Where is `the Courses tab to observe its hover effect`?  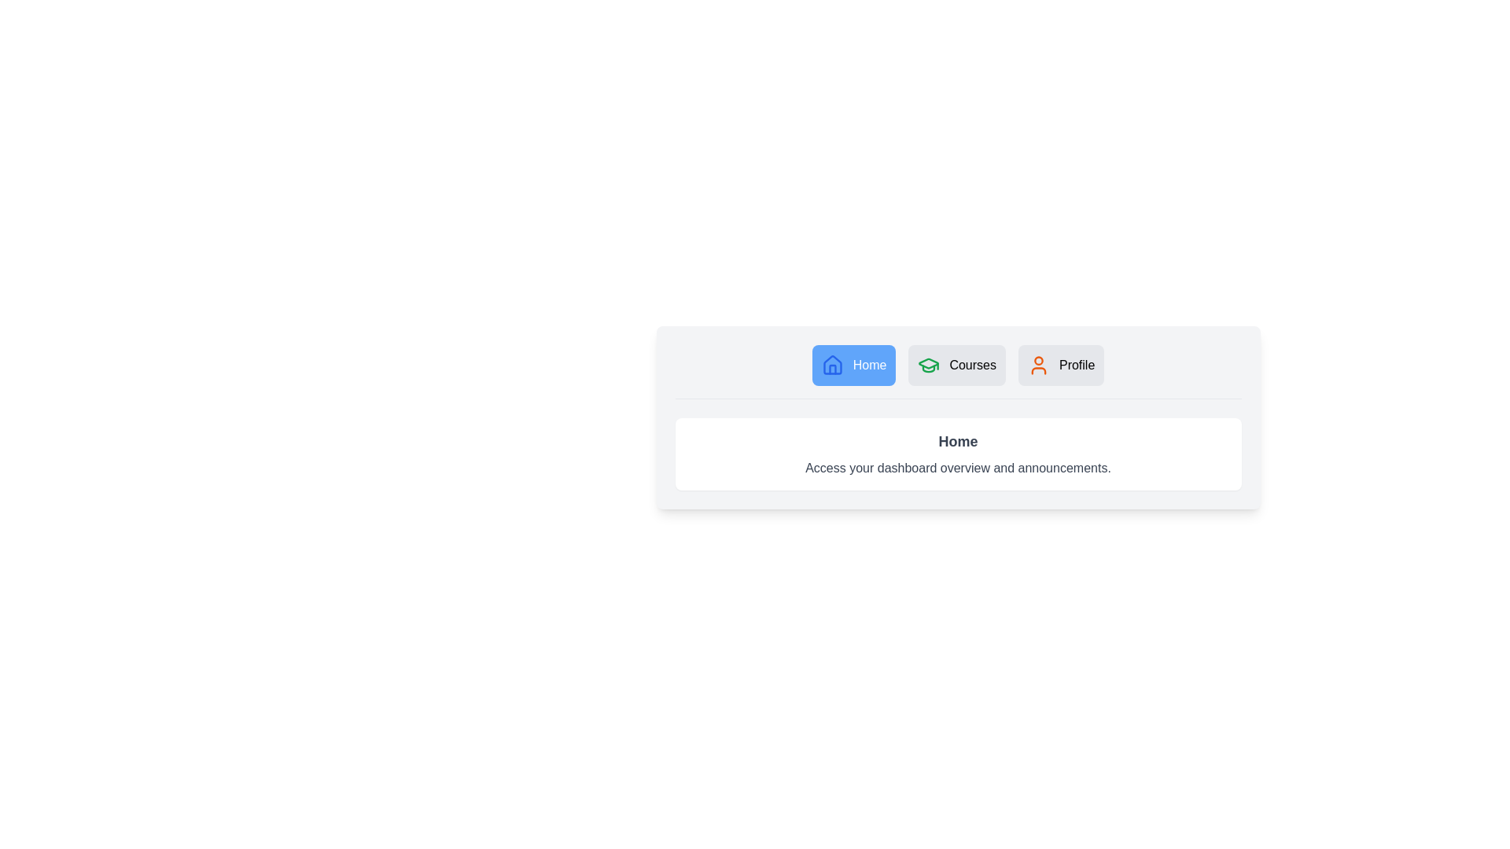
the Courses tab to observe its hover effect is located at coordinates (956, 366).